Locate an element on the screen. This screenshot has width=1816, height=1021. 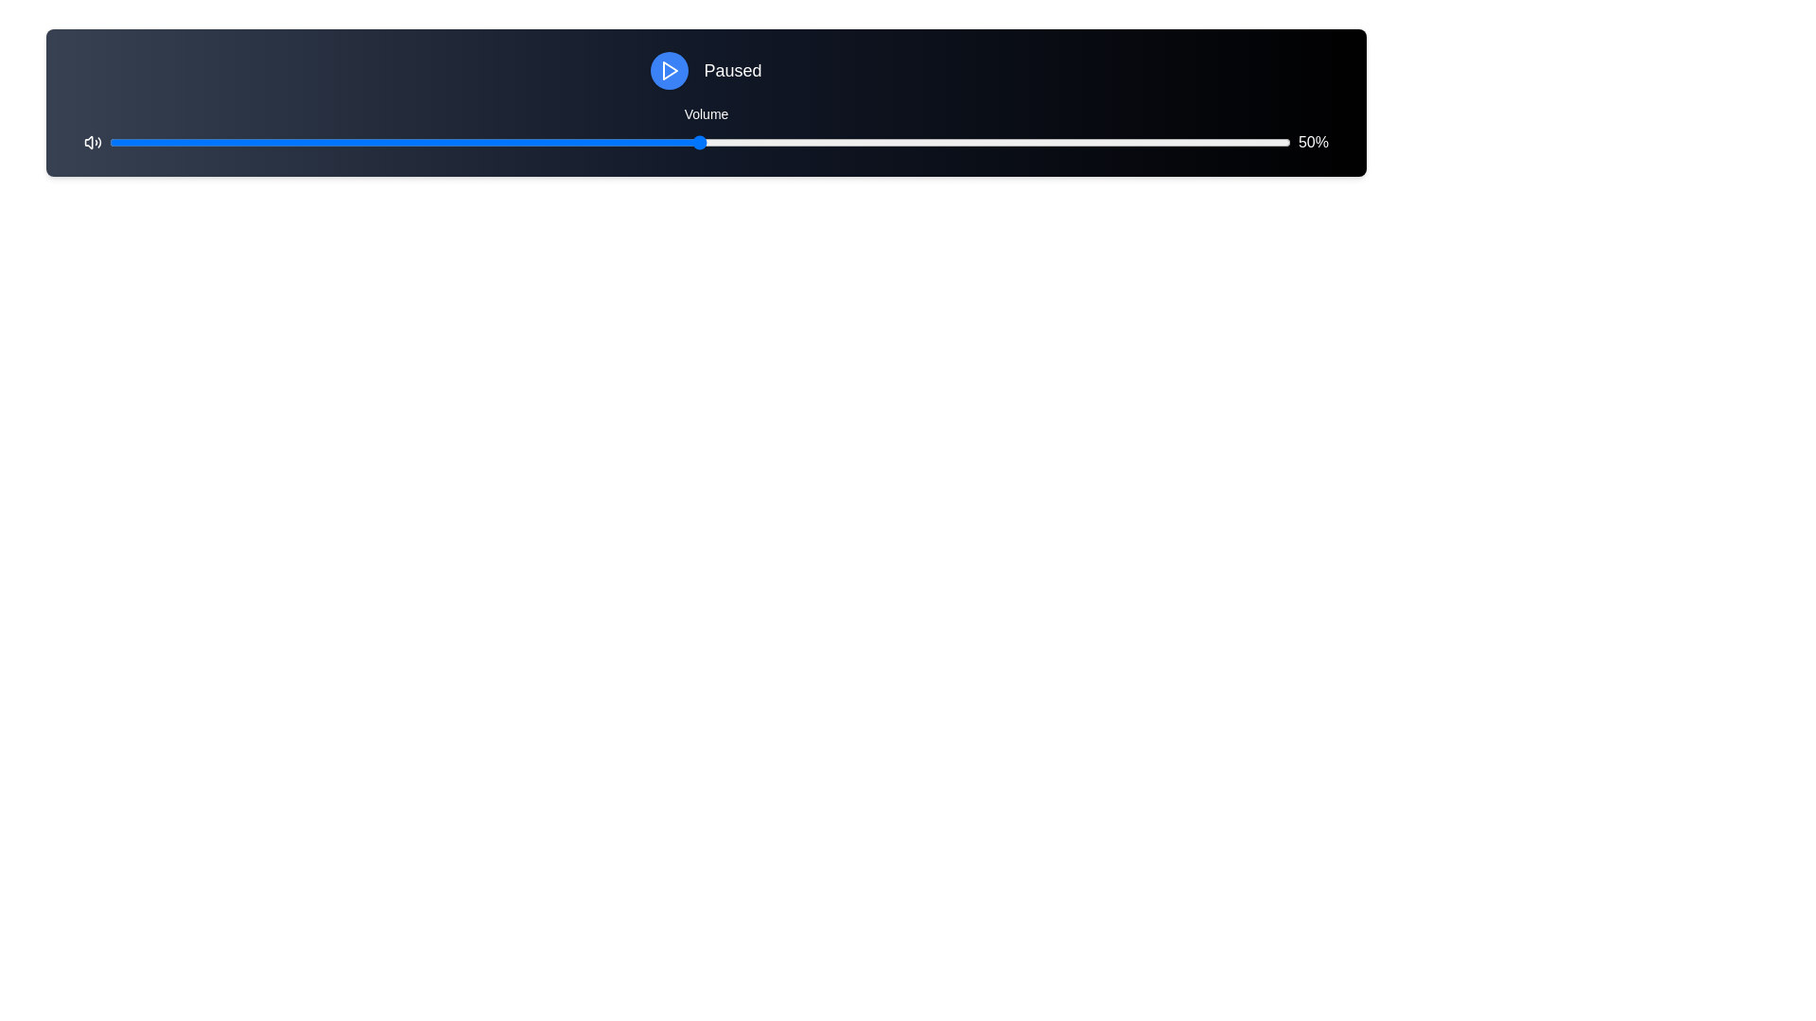
text of the status display label indicating that the media player is paused, which is centrally positioned to the right of the play button is located at coordinates (706, 69).